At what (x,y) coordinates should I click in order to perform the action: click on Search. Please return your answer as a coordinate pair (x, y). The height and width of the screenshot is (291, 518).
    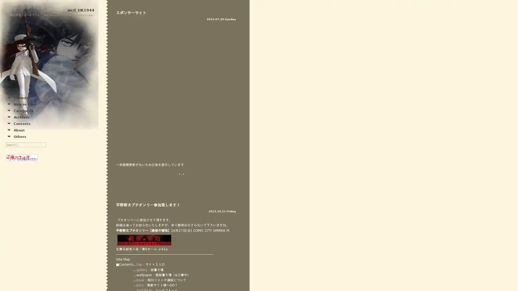
    Looking at the image, I should click on (11, 144).